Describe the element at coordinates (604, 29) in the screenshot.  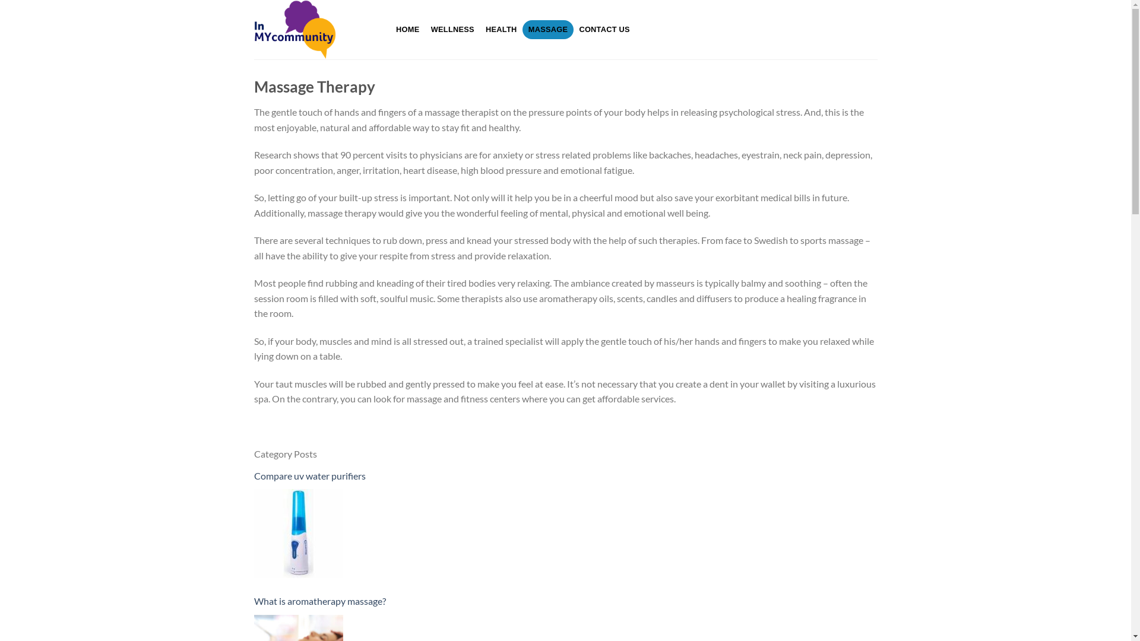
I see `'CONTACT US'` at that location.